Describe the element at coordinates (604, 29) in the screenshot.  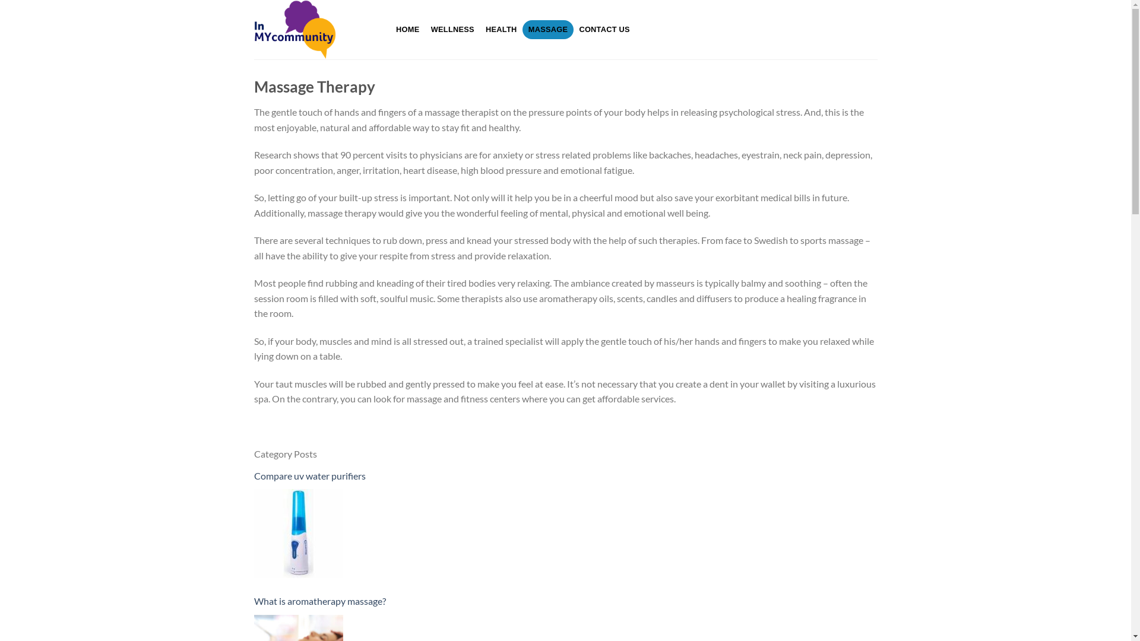
I see `'CONTACT US'` at that location.